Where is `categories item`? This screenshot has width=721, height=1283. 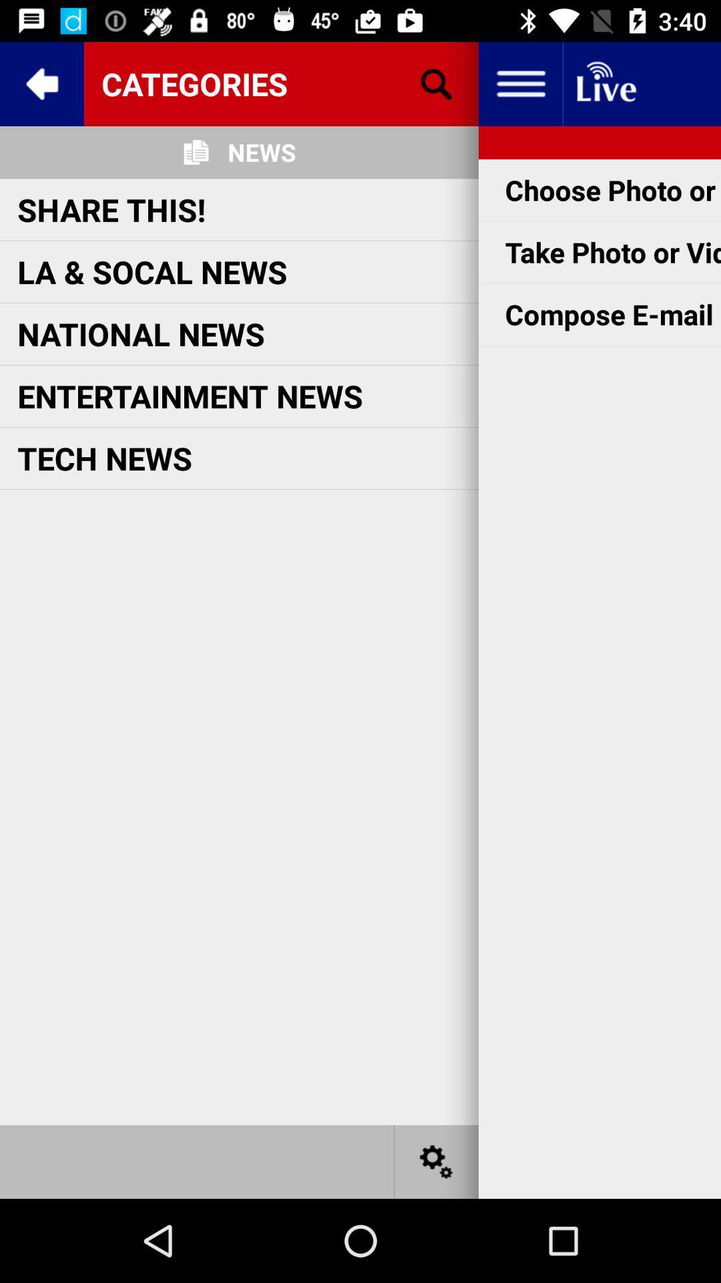 categories item is located at coordinates (280, 83).